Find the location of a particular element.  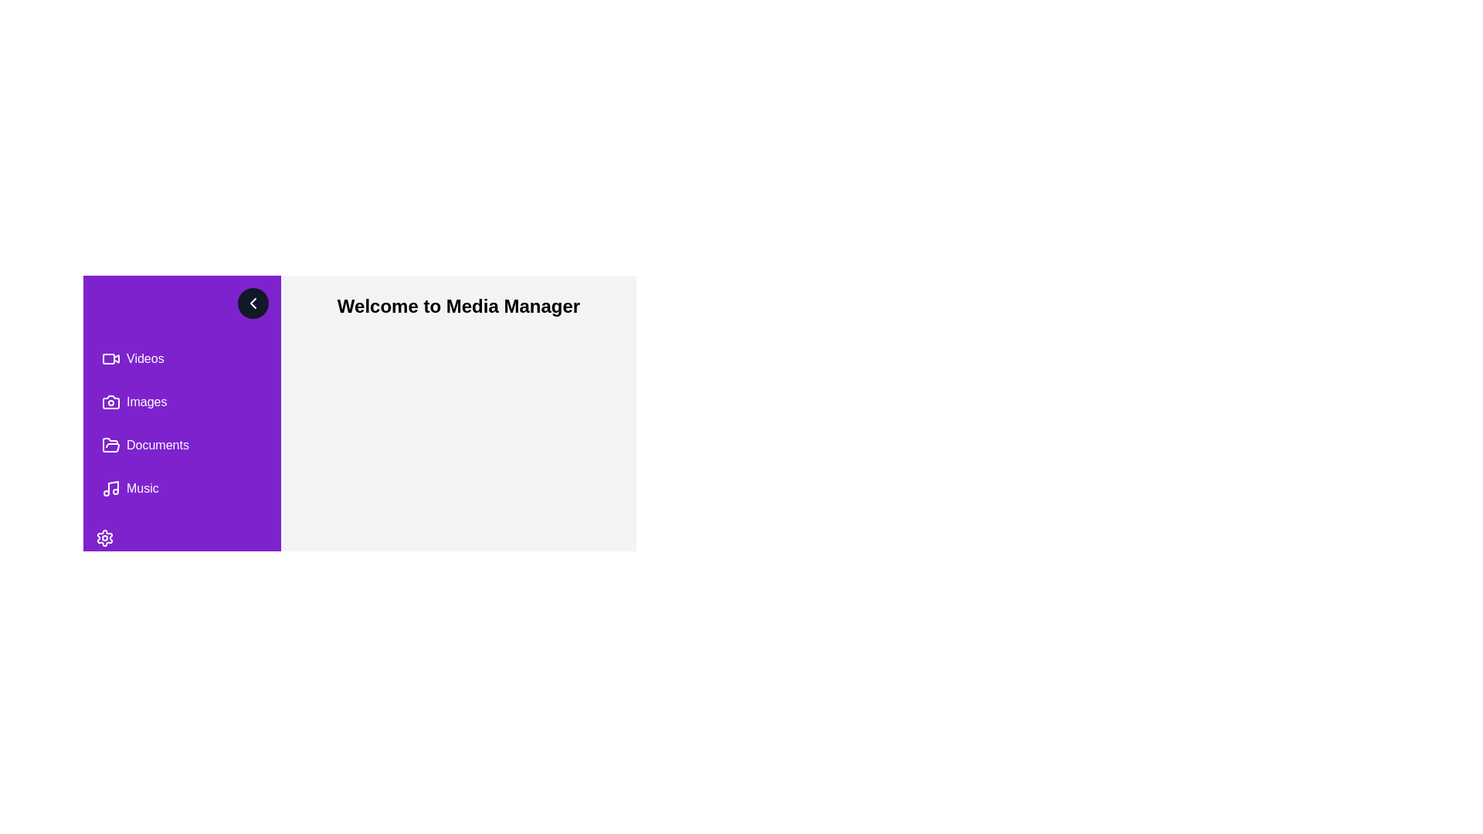

the menu item labeled Documents is located at coordinates (182, 446).